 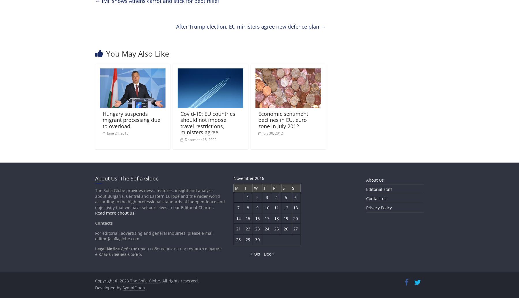 What do you see at coordinates (273, 187) in the screenshot?
I see `'F'` at bounding box center [273, 187].